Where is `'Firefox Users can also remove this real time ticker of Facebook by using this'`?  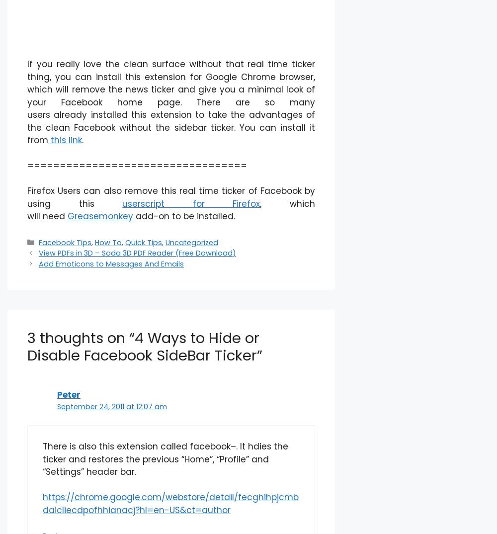
'Firefox Users can also remove this real time ticker of Facebook by using this' is located at coordinates (170, 197).